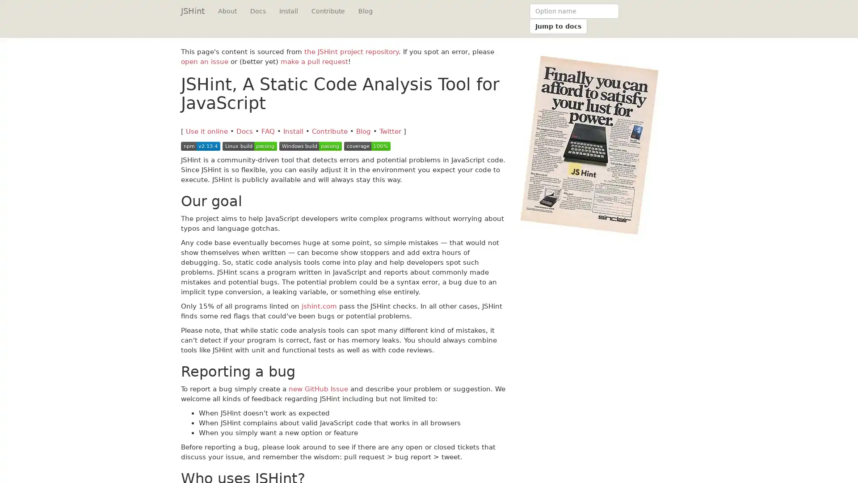  Describe the element at coordinates (558, 25) in the screenshot. I see `Jump to docs` at that location.